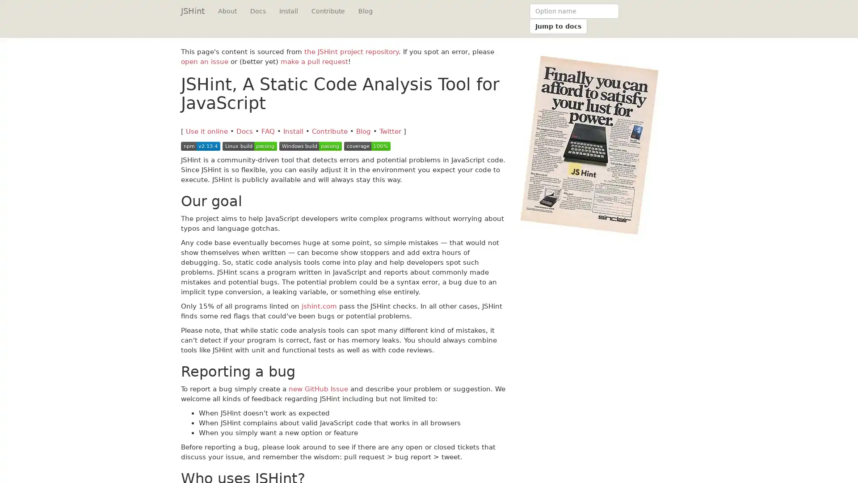  Describe the element at coordinates (558, 25) in the screenshot. I see `Jump to docs` at that location.